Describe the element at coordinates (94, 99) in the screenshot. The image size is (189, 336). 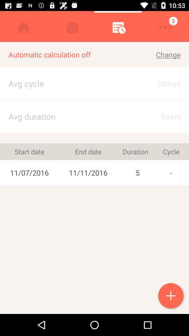
I see `app above avg duration icon` at that location.